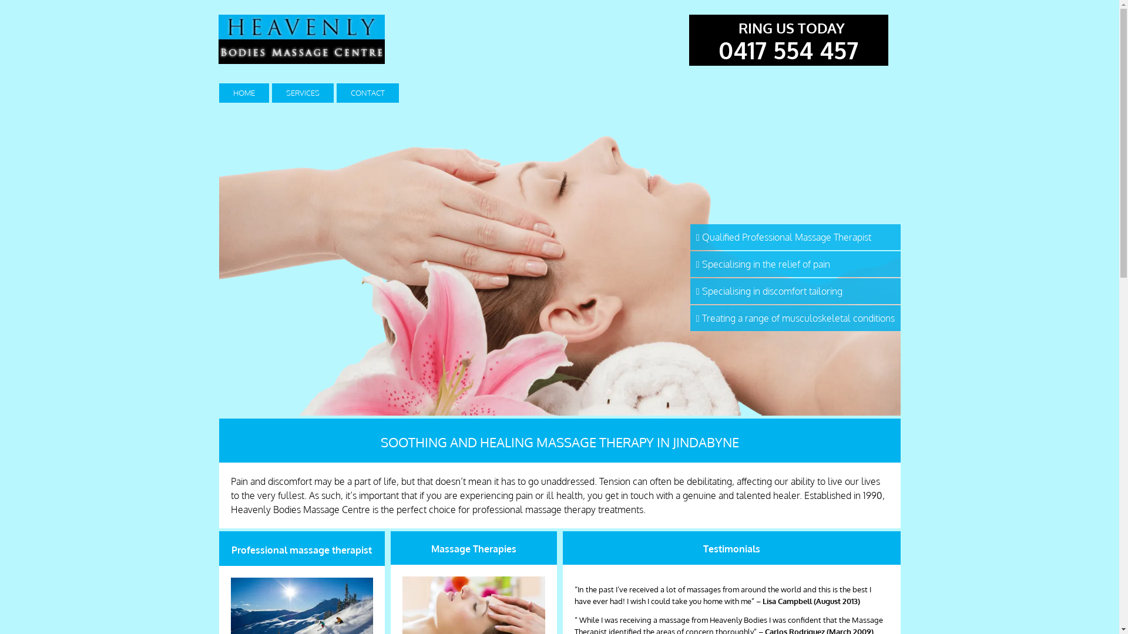 The height and width of the screenshot is (634, 1128). Describe the element at coordinates (301, 38) in the screenshot. I see `'Heavenly bodies massage centre in Jindabyne'` at that location.